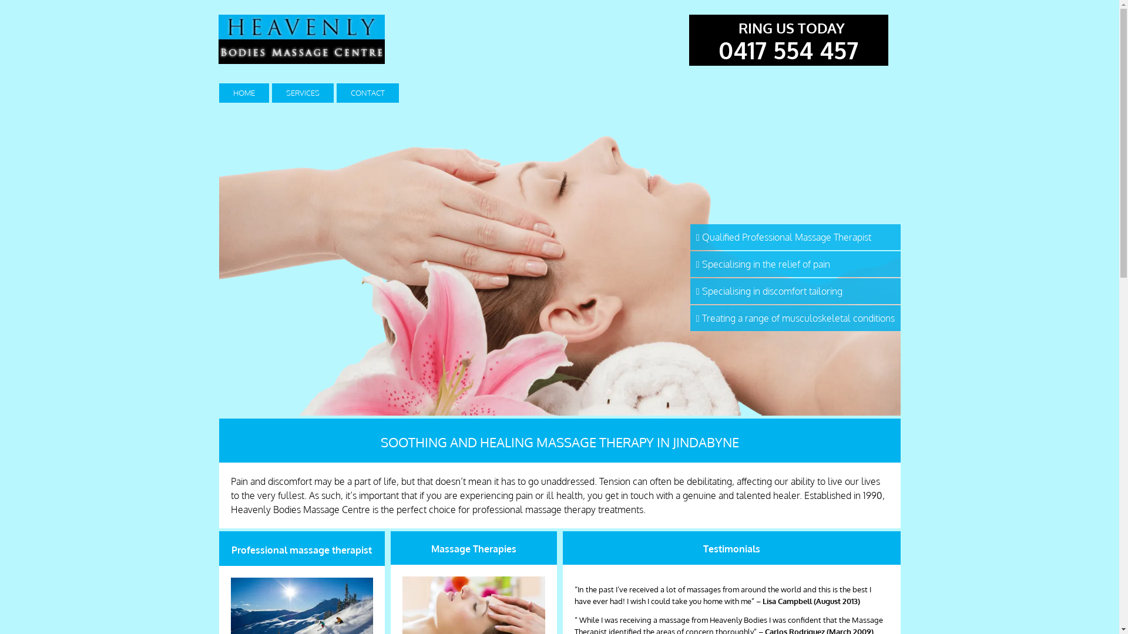 The height and width of the screenshot is (634, 1128). Describe the element at coordinates (301, 38) in the screenshot. I see `'Heavenly bodies massage centre in Jindabyne'` at that location.